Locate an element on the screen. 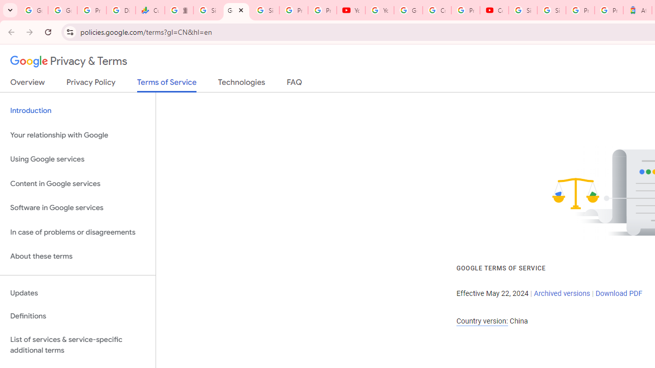 The height and width of the screenshot is (368, 655). 'Google Account Help' is located at coordinates (408, 10).